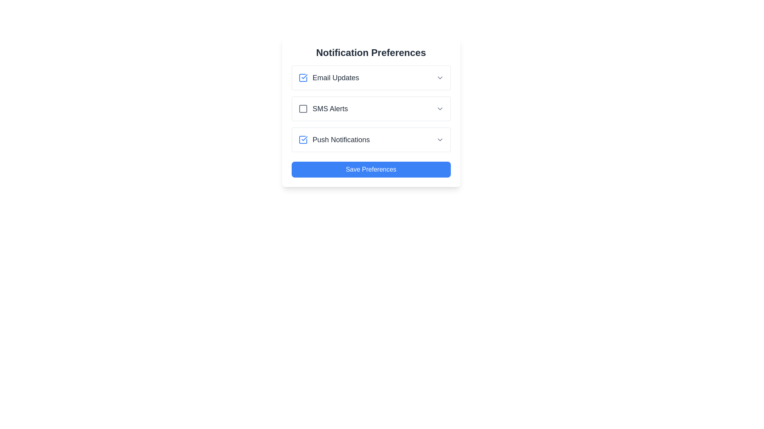  What do you see at coordinates (323, 108) in the screenshot?
I see `the checkbox for SMS alerts` at bounding box center [323, 108].